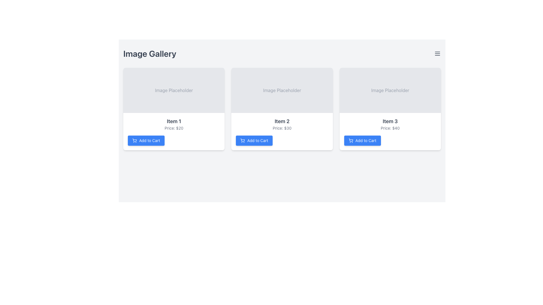  I want to click on the shopping cart icon located inside the blue 'Add to Cart' button at the bottom-left of Item 1 card in the first column of the grid layout, so click(134, 140).